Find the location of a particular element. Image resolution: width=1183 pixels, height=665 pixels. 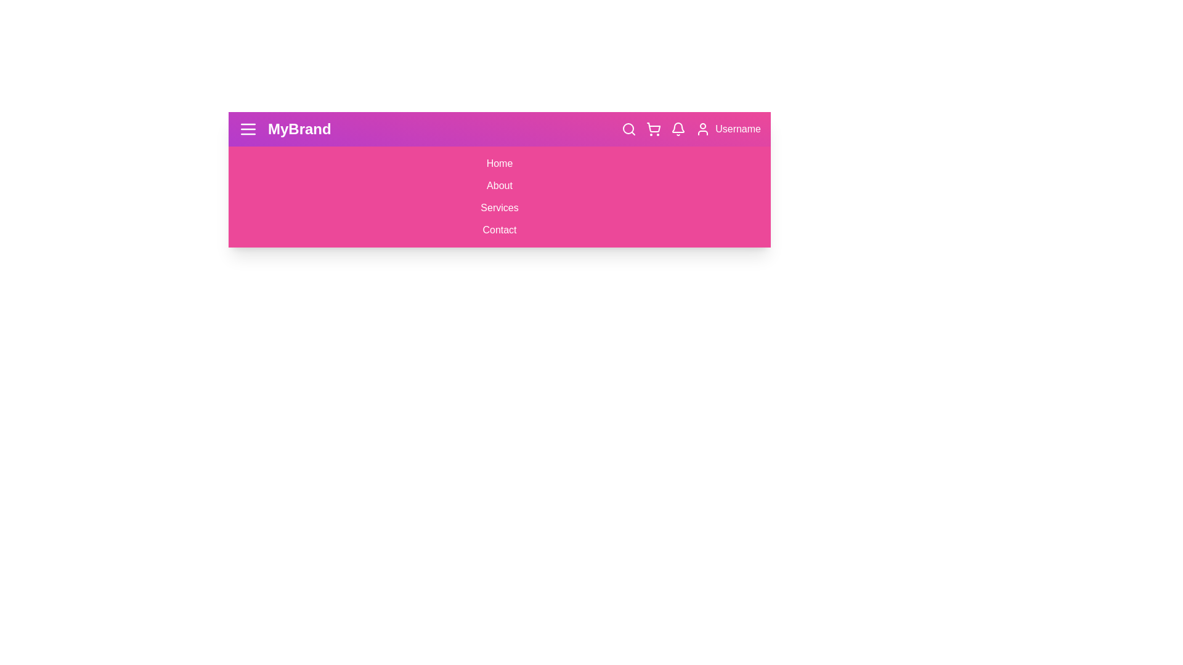

the Services link in the menu to navigate to the respective section is located at coordinates (500, 208).